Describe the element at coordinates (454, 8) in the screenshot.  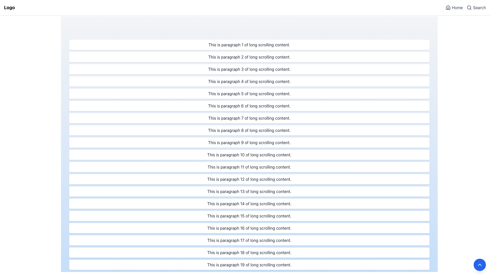
I see `the navigation link located at the top-right corner of the viewport` at that location.